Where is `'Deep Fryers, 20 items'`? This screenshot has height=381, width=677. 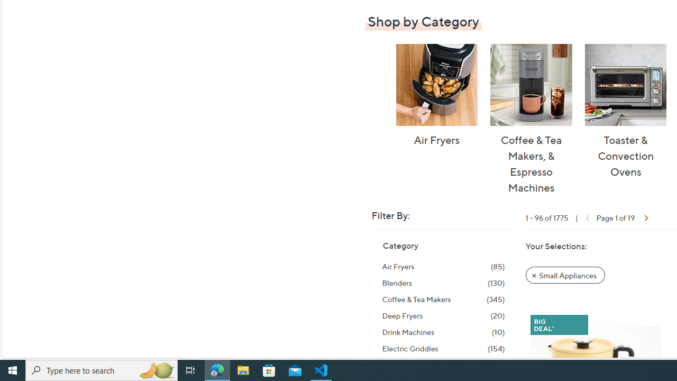
'Deep Fryers, 20 items' is located at coordinates (443, 315).